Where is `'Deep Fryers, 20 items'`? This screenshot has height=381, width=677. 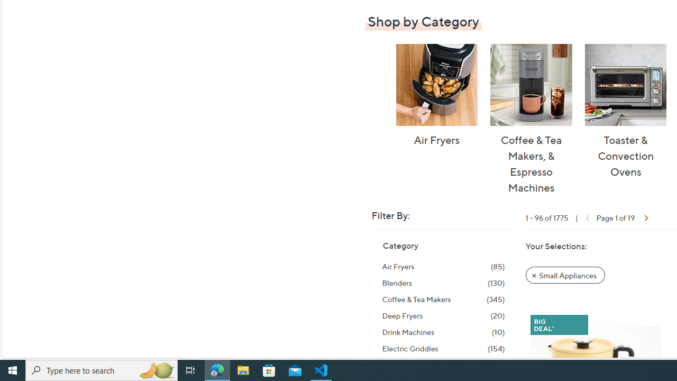
'Deep Fryers, 20 items' is located at coordinates (443, 315).